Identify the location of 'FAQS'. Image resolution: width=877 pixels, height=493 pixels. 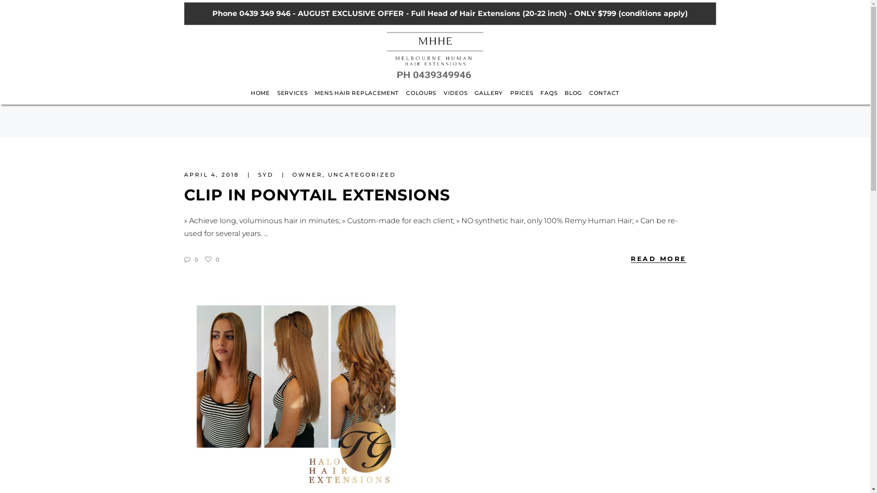
(537, 99).